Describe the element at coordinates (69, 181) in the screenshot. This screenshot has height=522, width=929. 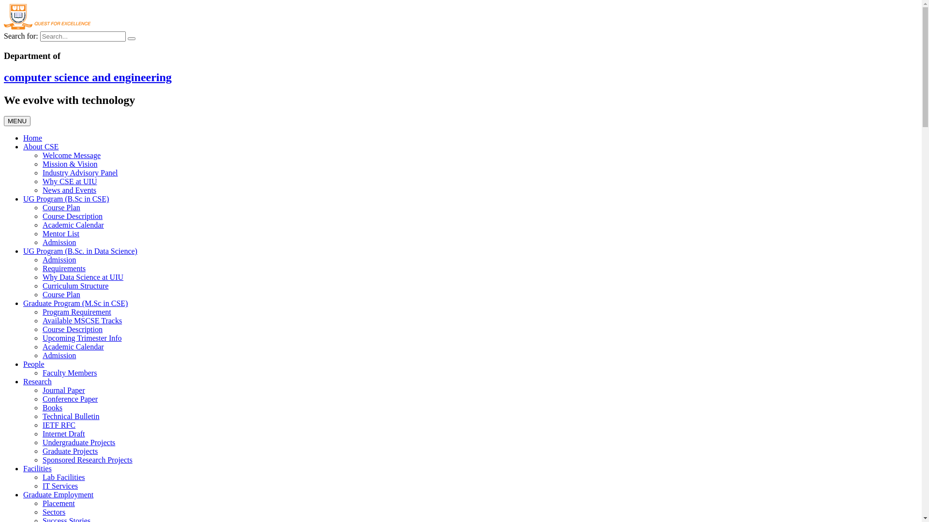
I see `'Why CSE at UIU'` at that location.